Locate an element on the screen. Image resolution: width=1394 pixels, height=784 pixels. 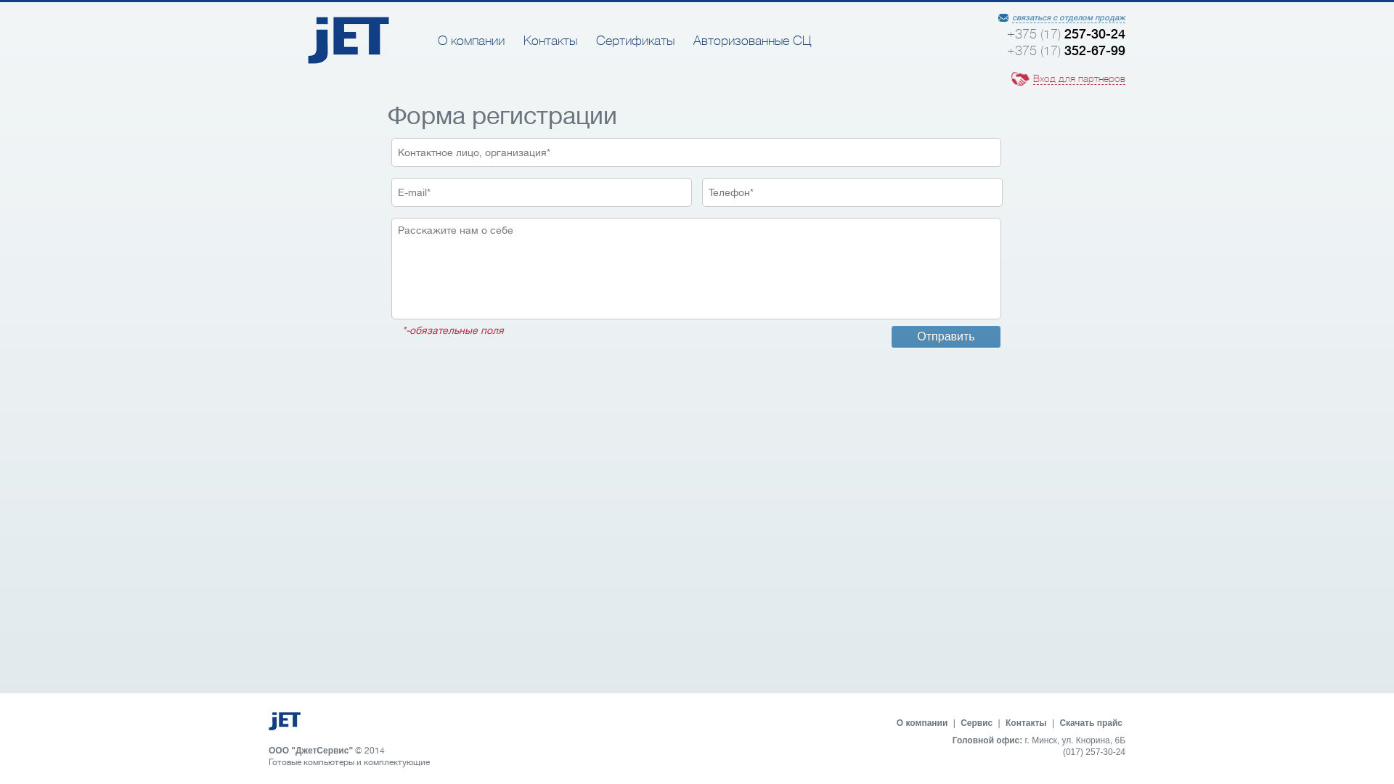
'JET' is located at coordinates (306, 60).